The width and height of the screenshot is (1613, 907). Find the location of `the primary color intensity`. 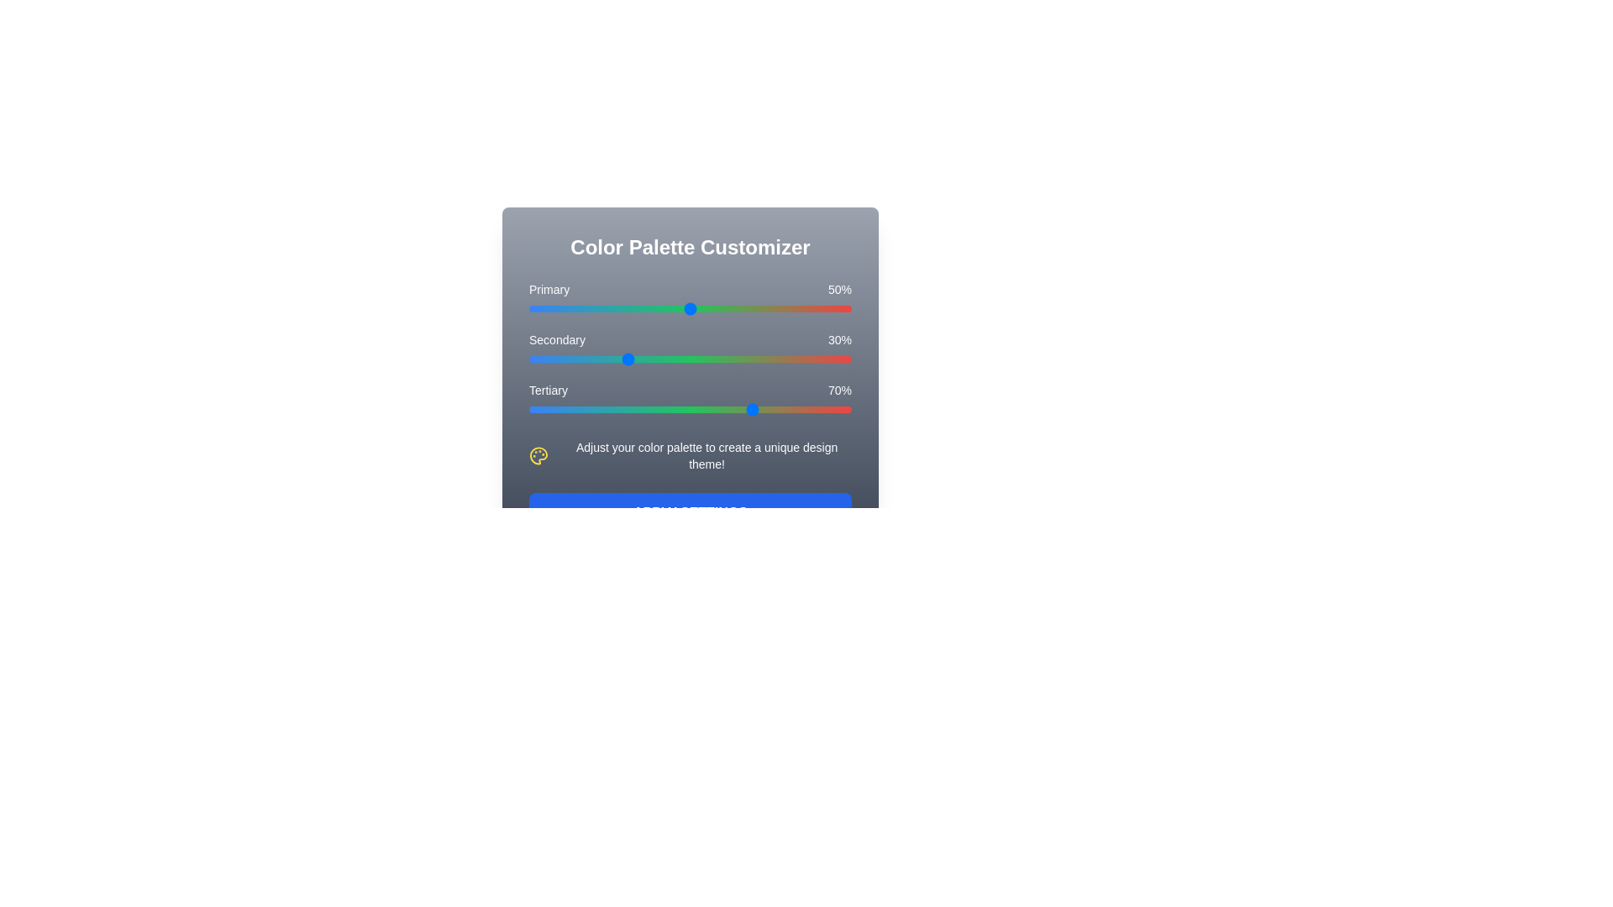

the primary color intensity is located at coordinates (667, 308).